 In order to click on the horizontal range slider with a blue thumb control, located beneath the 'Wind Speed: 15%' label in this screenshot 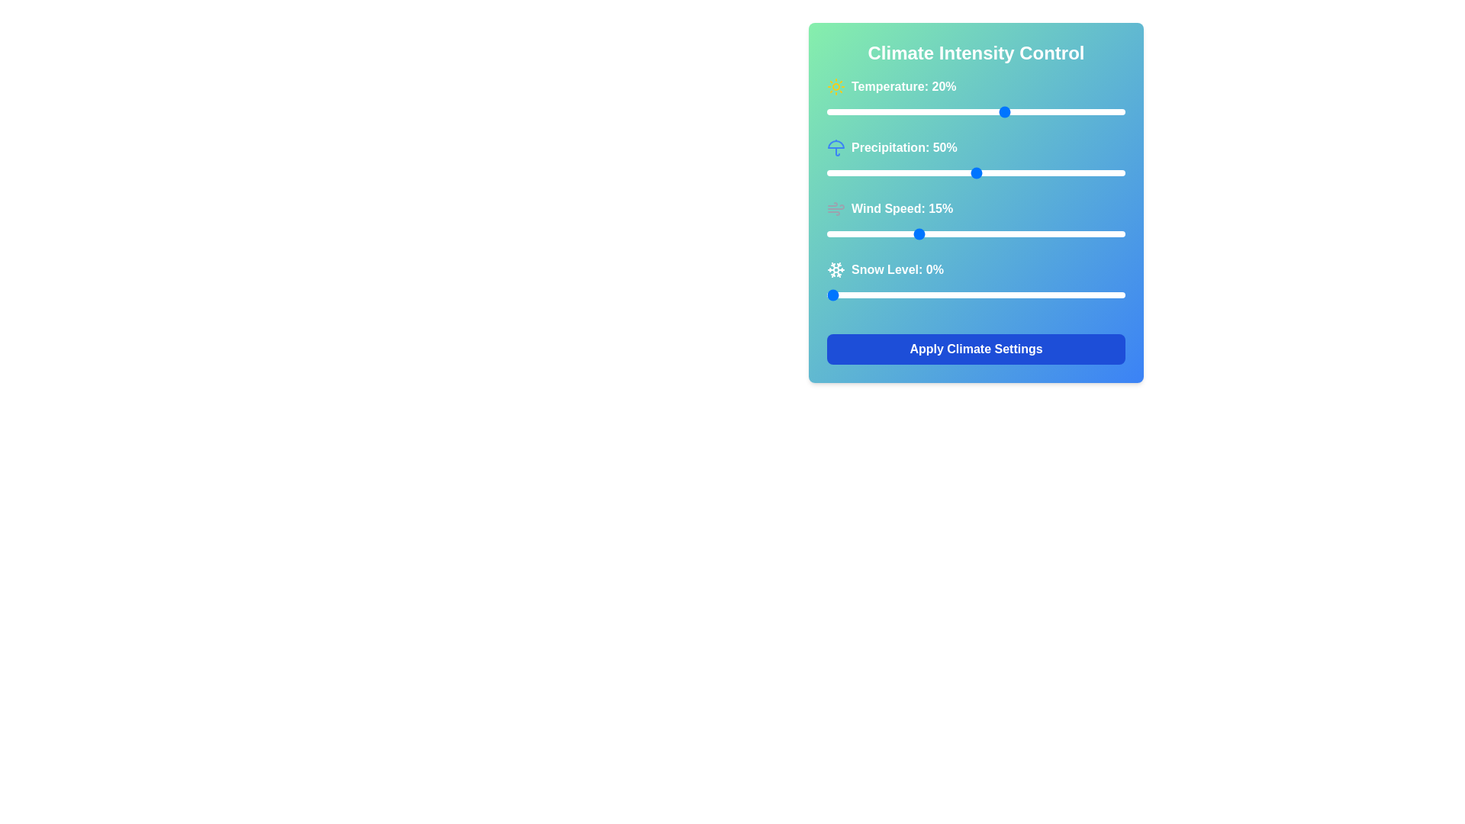, I will do `click(975, 234)`.